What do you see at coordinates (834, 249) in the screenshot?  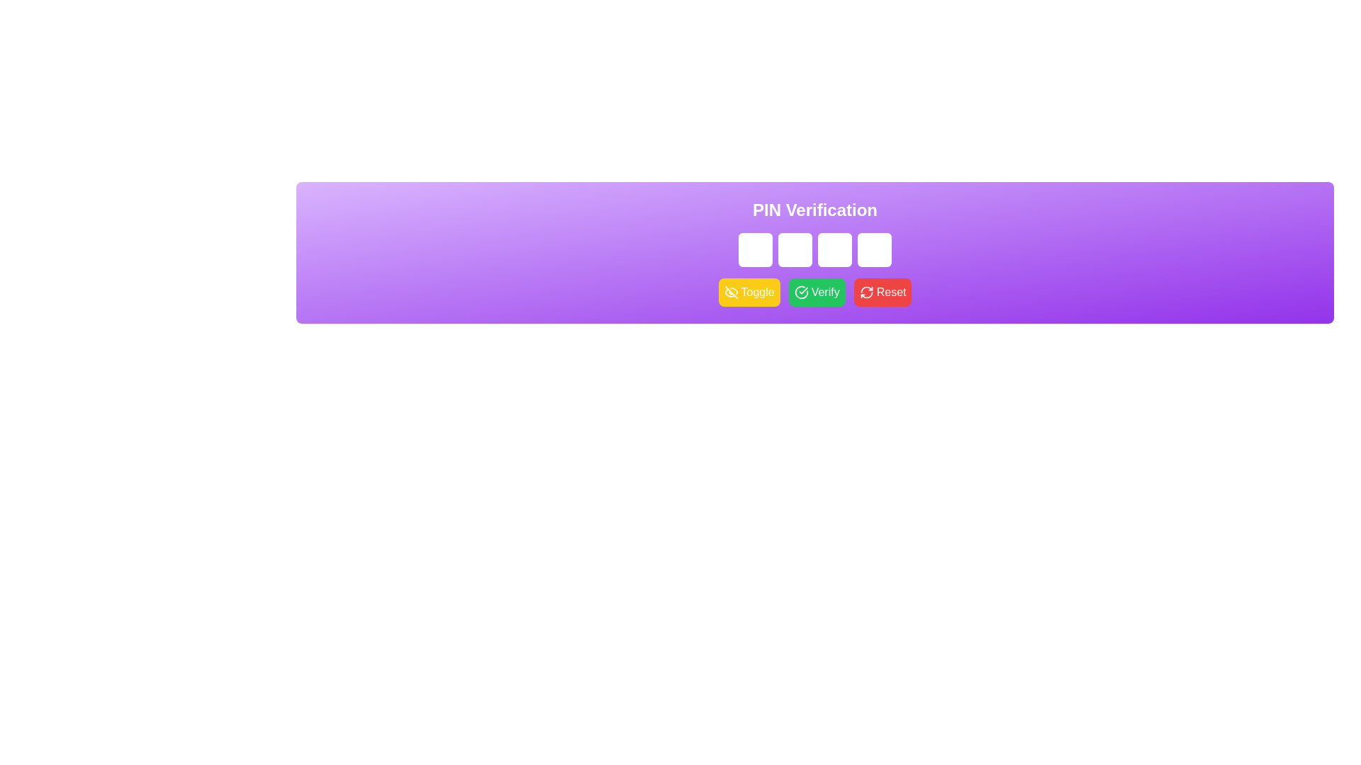 I see `the Password input field, which is the third input field in a row of four, styled with a white border and light purple background, to focus the element` at bounding box center [834, 249].